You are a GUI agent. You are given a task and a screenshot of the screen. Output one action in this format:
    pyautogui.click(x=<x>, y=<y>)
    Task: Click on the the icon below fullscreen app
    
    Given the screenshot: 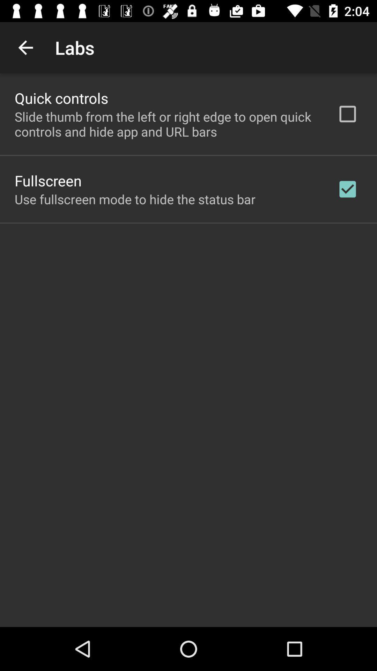 What is the action you would take?
    pyautogui.click(x=135, y=199)
    